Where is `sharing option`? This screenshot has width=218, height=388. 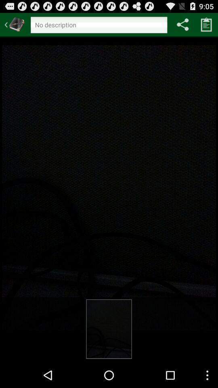 sharing option is located at coordinates (182, 24).